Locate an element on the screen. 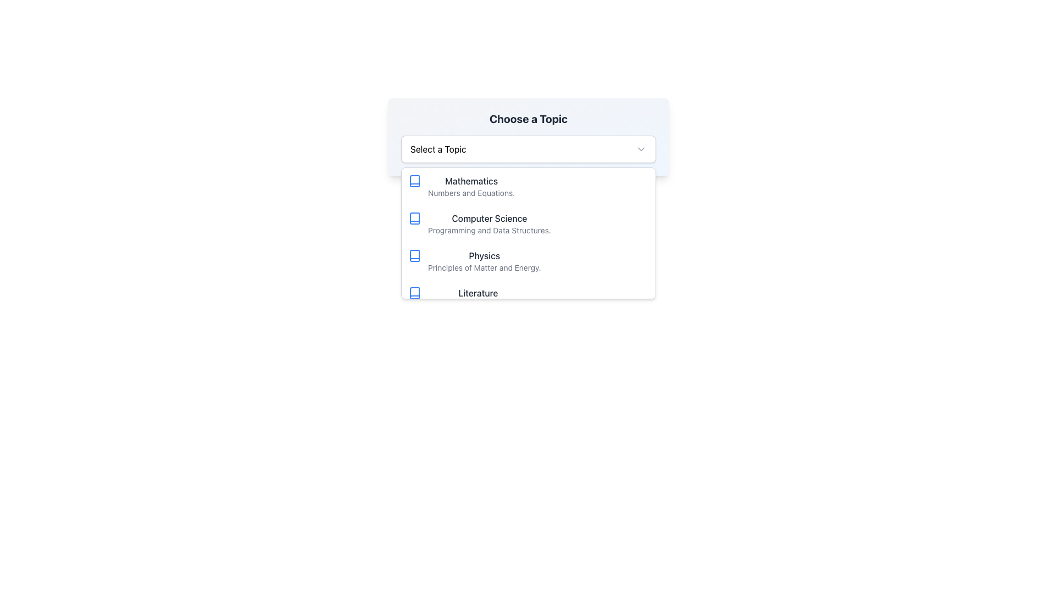  the 'Computer Science and Data Structures' dropdown list item, which is the third option in the dropdown menu located centrally below the 'Select a Topic' dropdown is located at coordinates (528, 232).